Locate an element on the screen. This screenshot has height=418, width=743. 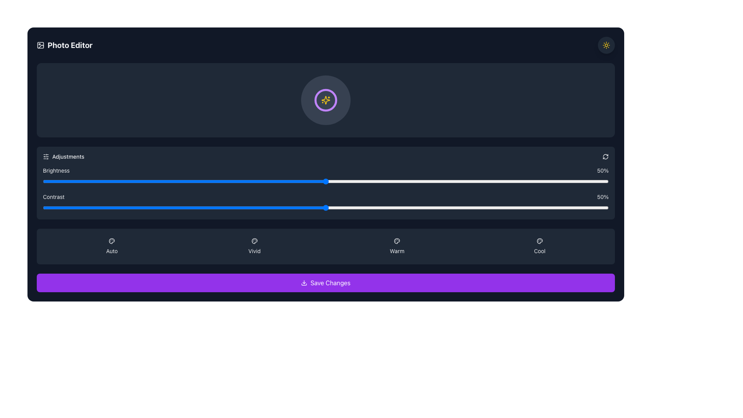
the circular graphic icon with a purple border and a yellow star inside, located in the upper section of the interface is located at coordinates (325, 99).